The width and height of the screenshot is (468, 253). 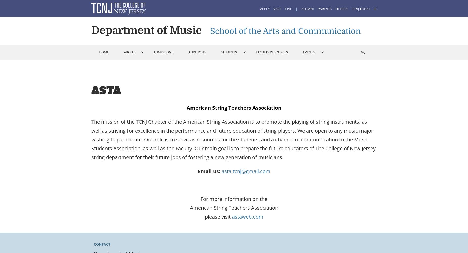 I want to click on '|', so click(x=295, y=9).